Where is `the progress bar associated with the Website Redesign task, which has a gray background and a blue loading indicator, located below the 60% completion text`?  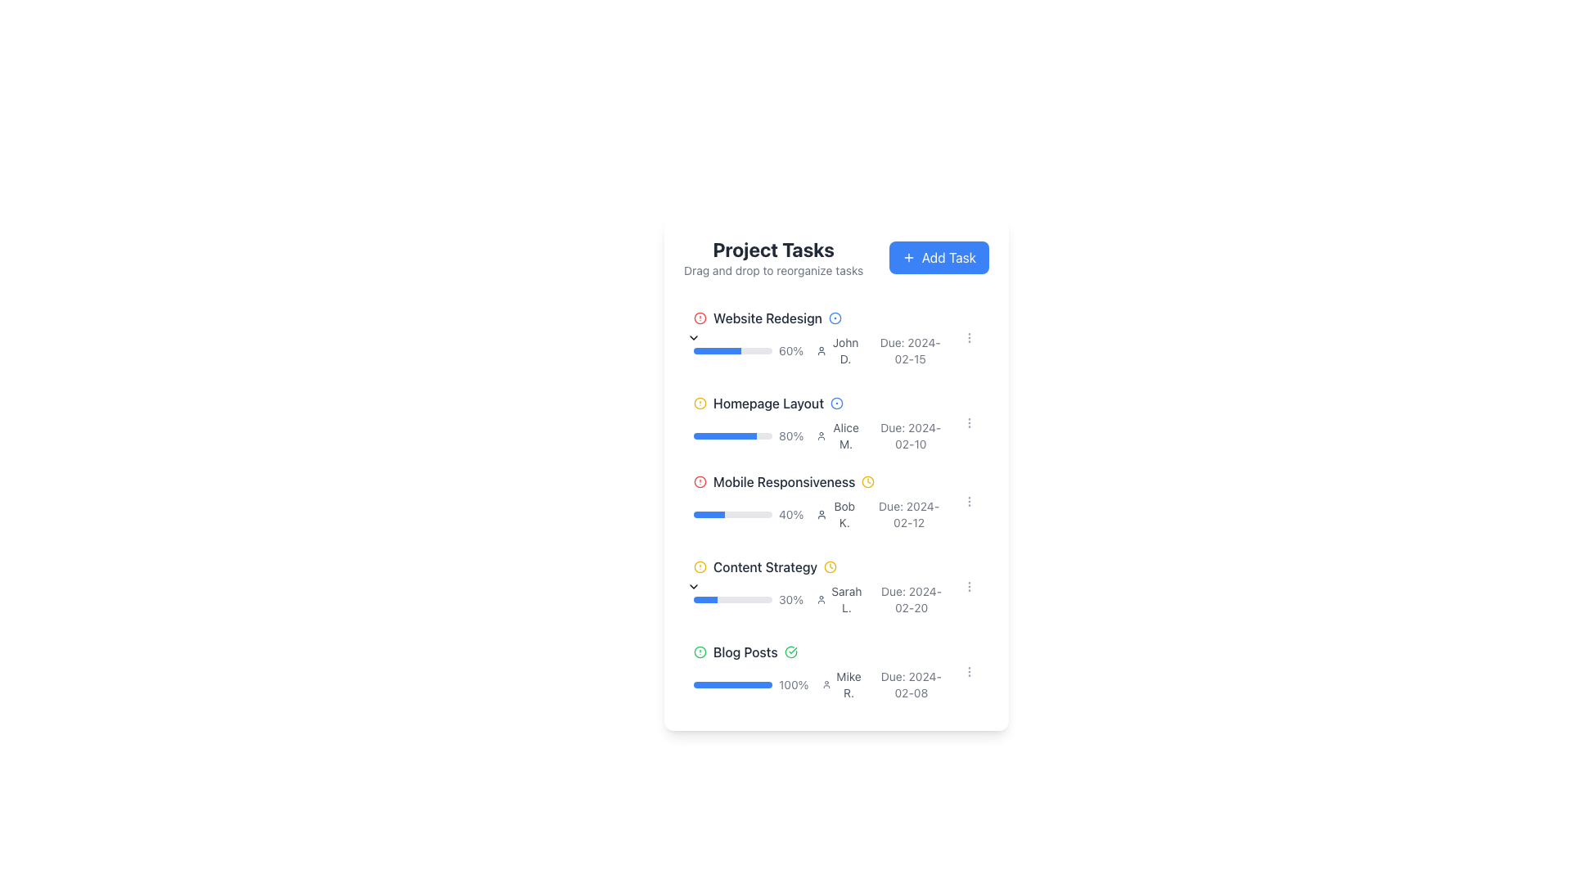 the progress bar associated with the Website Redesign task, which has a gray background and a blue loading indicator, located below the 60% completion text is located at coordinates (732, 350).